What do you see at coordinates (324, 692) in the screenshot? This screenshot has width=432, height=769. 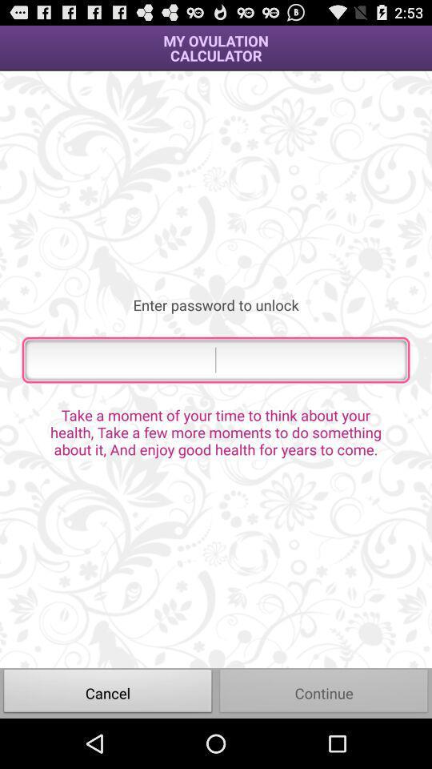 I see `icon to the right of the cancel icon` at bounding box center [324, 692].